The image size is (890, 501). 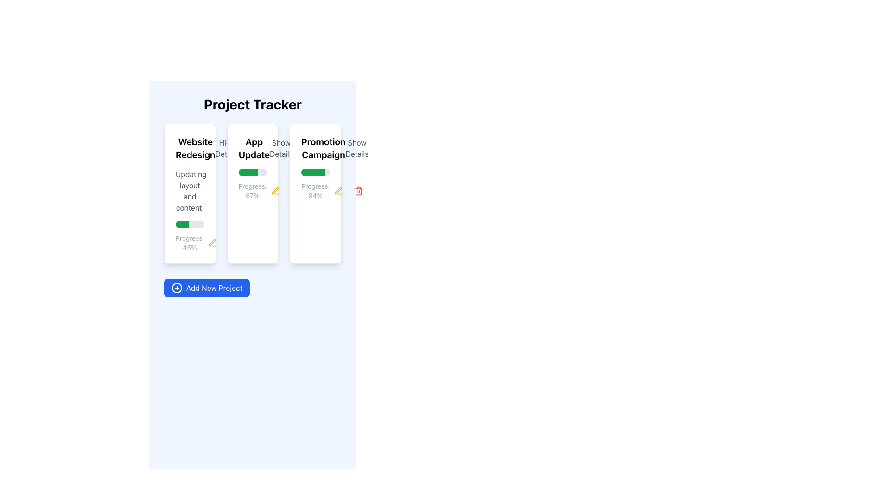 What do you see at coordinates (227, 148) in the screenshot?
I see `the 'Hide Details' button located to the right of the 'Website Redesign' header in the first card of the grid layout to hide the project details` at bounding box center [227, 148].